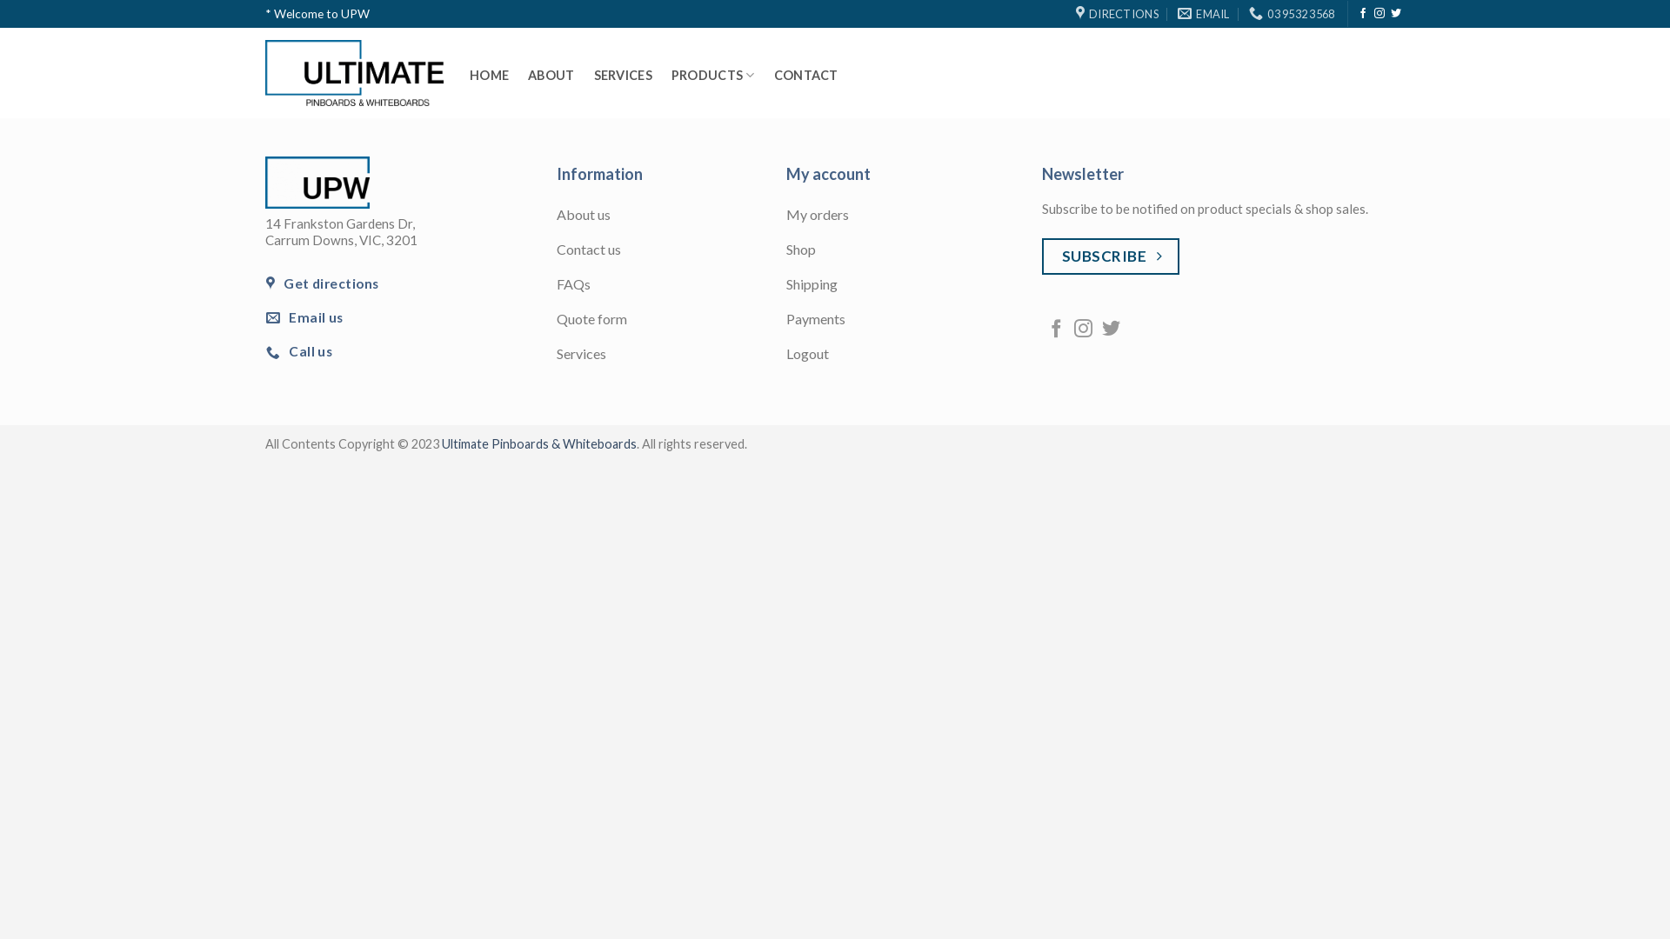 This screenshot has width=1670, height=939. I want to click on 'Contact us', so click(555, 251).